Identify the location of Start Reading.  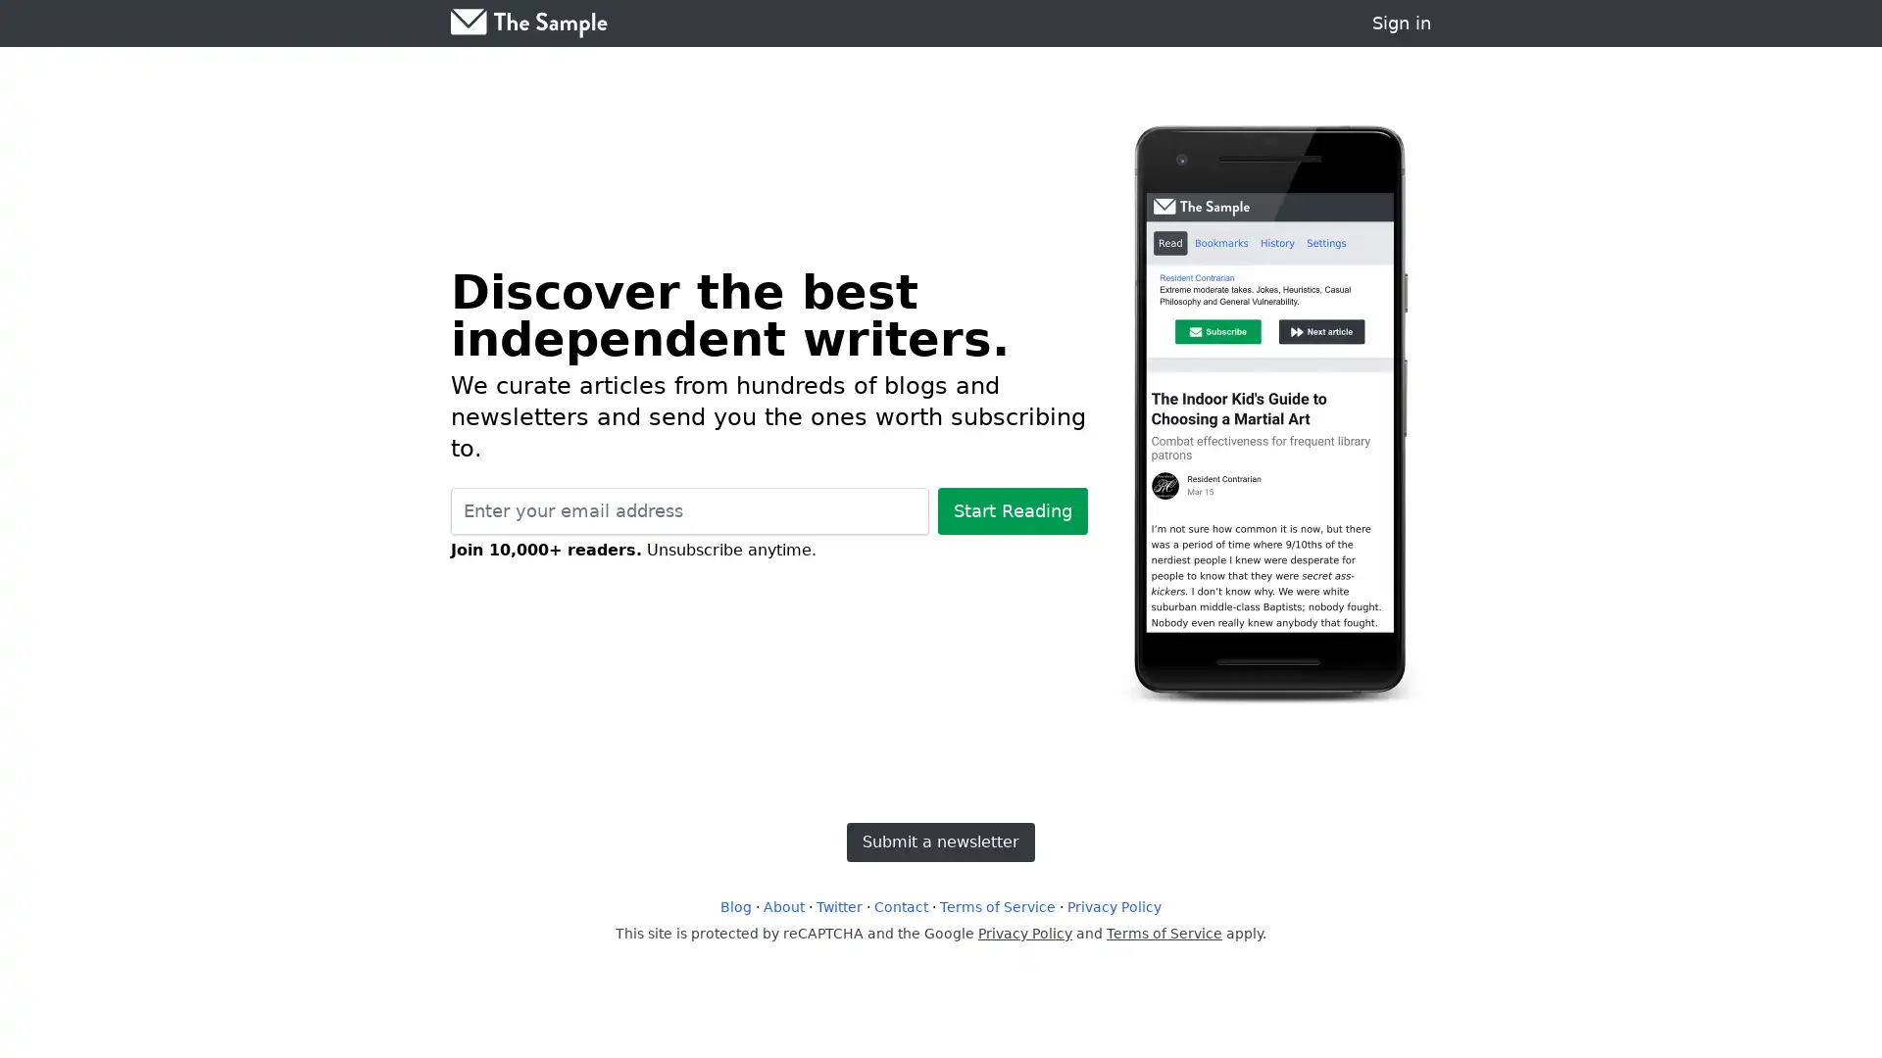
(1013, 508).